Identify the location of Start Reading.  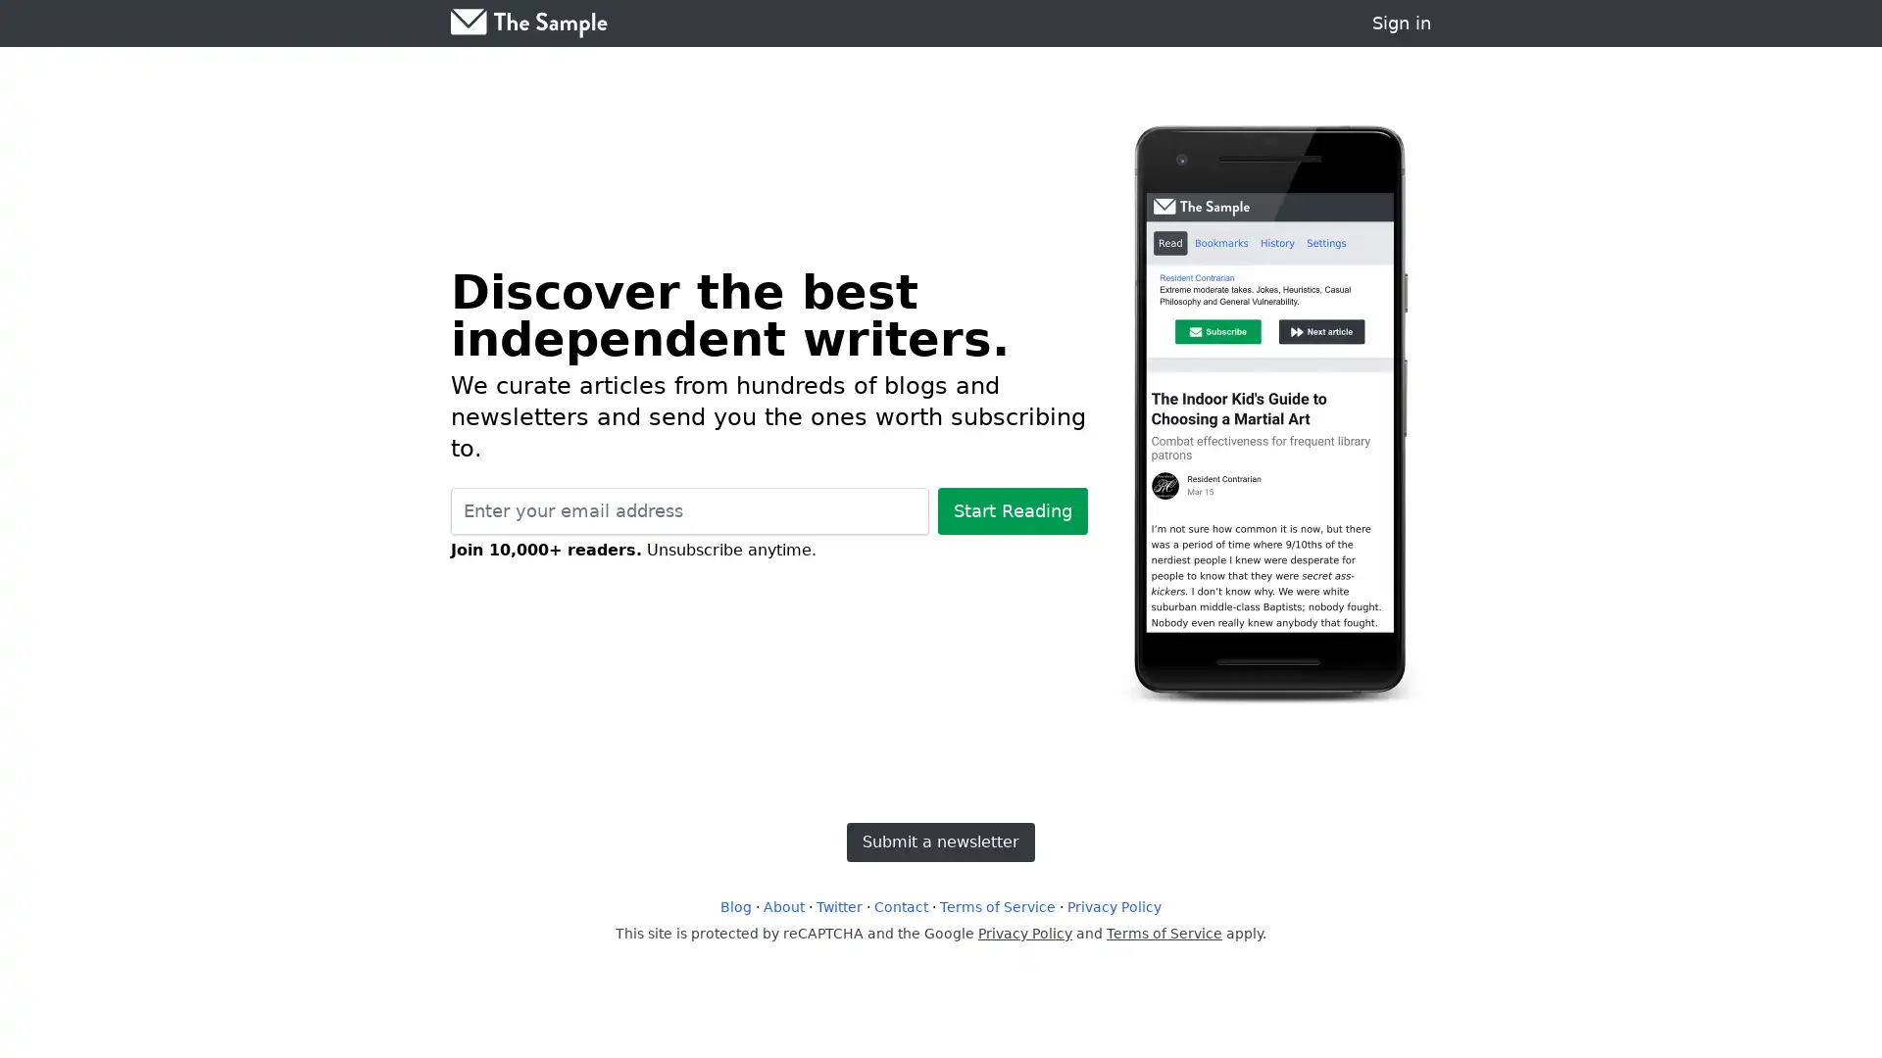
(1013, 508).